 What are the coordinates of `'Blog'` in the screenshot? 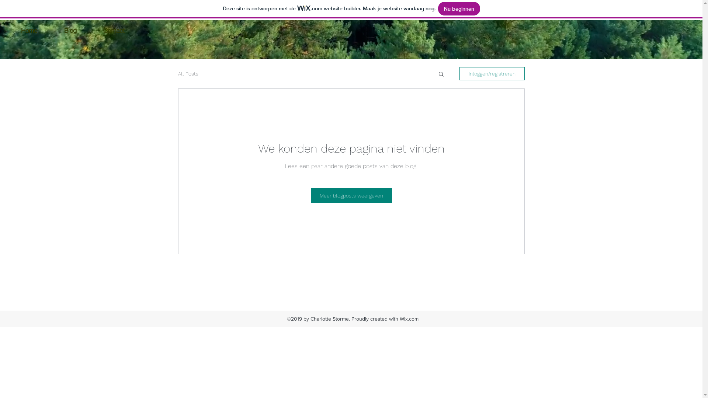 It's located at (70, 30).